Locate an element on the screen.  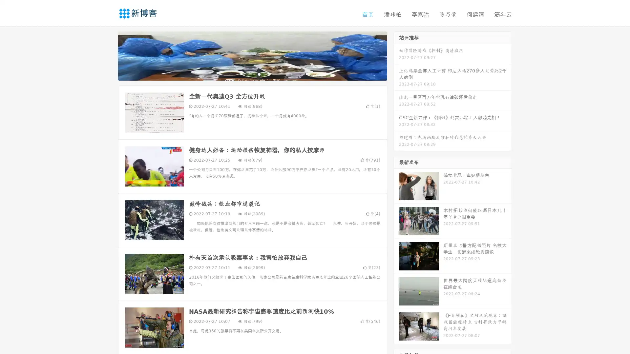
Go to slide 2 is located at coordinates (252, 74).